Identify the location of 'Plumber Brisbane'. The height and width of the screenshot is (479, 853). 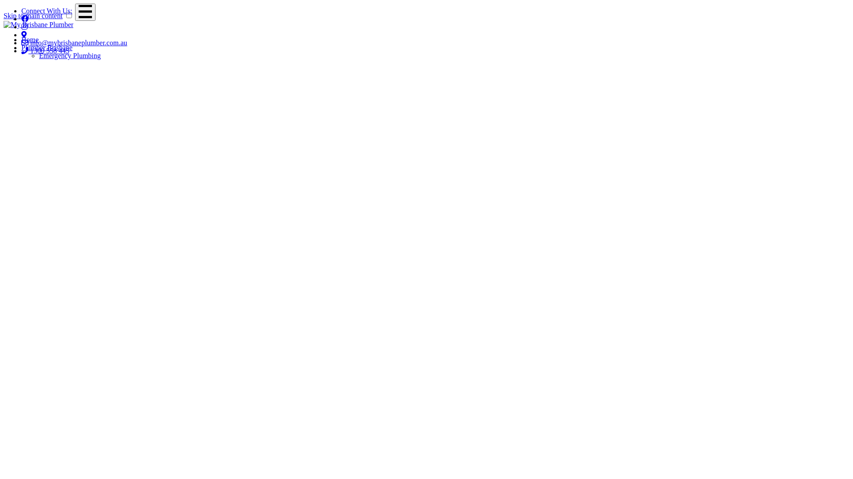
(21, 47).